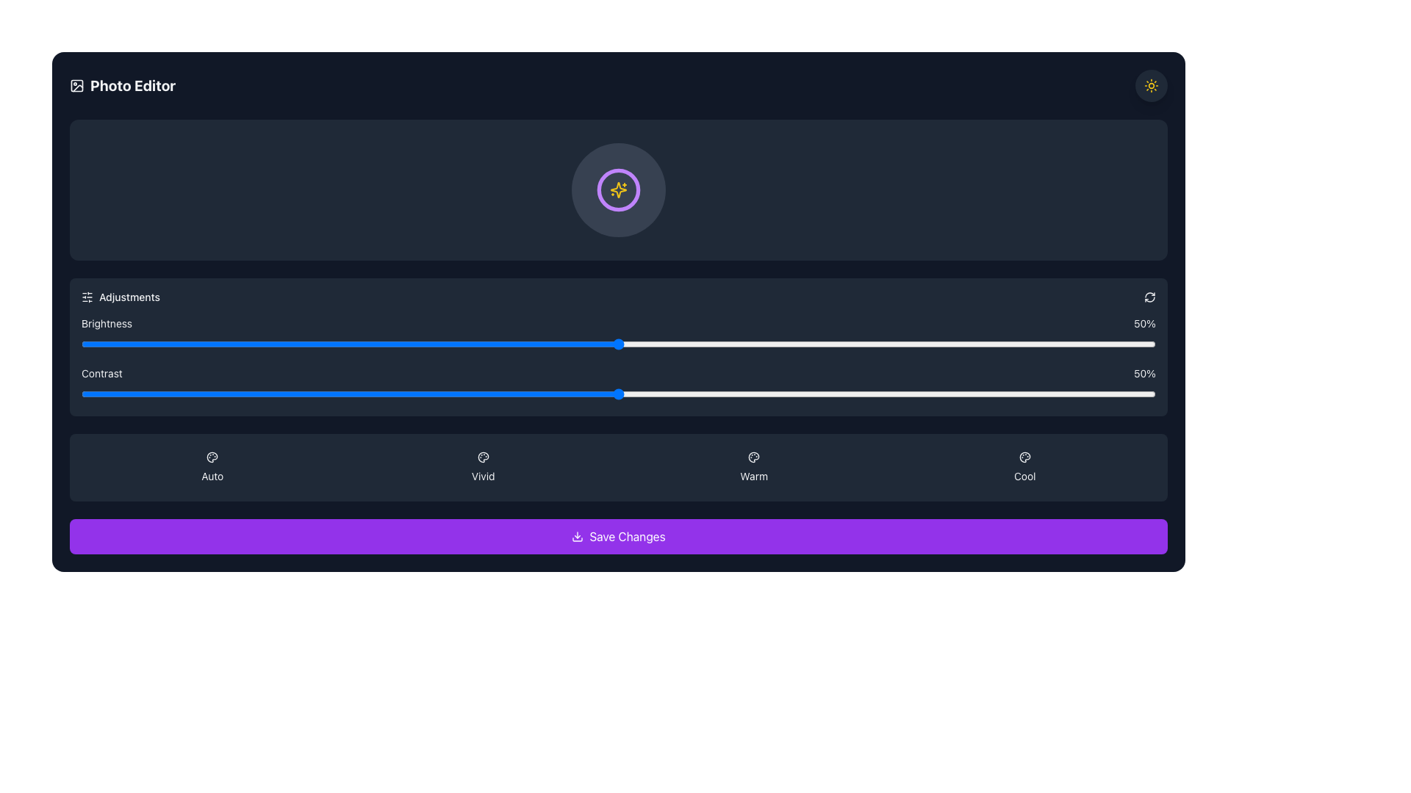 The height and width of the screenshot is (793, 1411). Describe the element at coordinates (121, 297) in the screenshot. I see `the 'Adjustments' label with an icon featuring sliders` at that location.